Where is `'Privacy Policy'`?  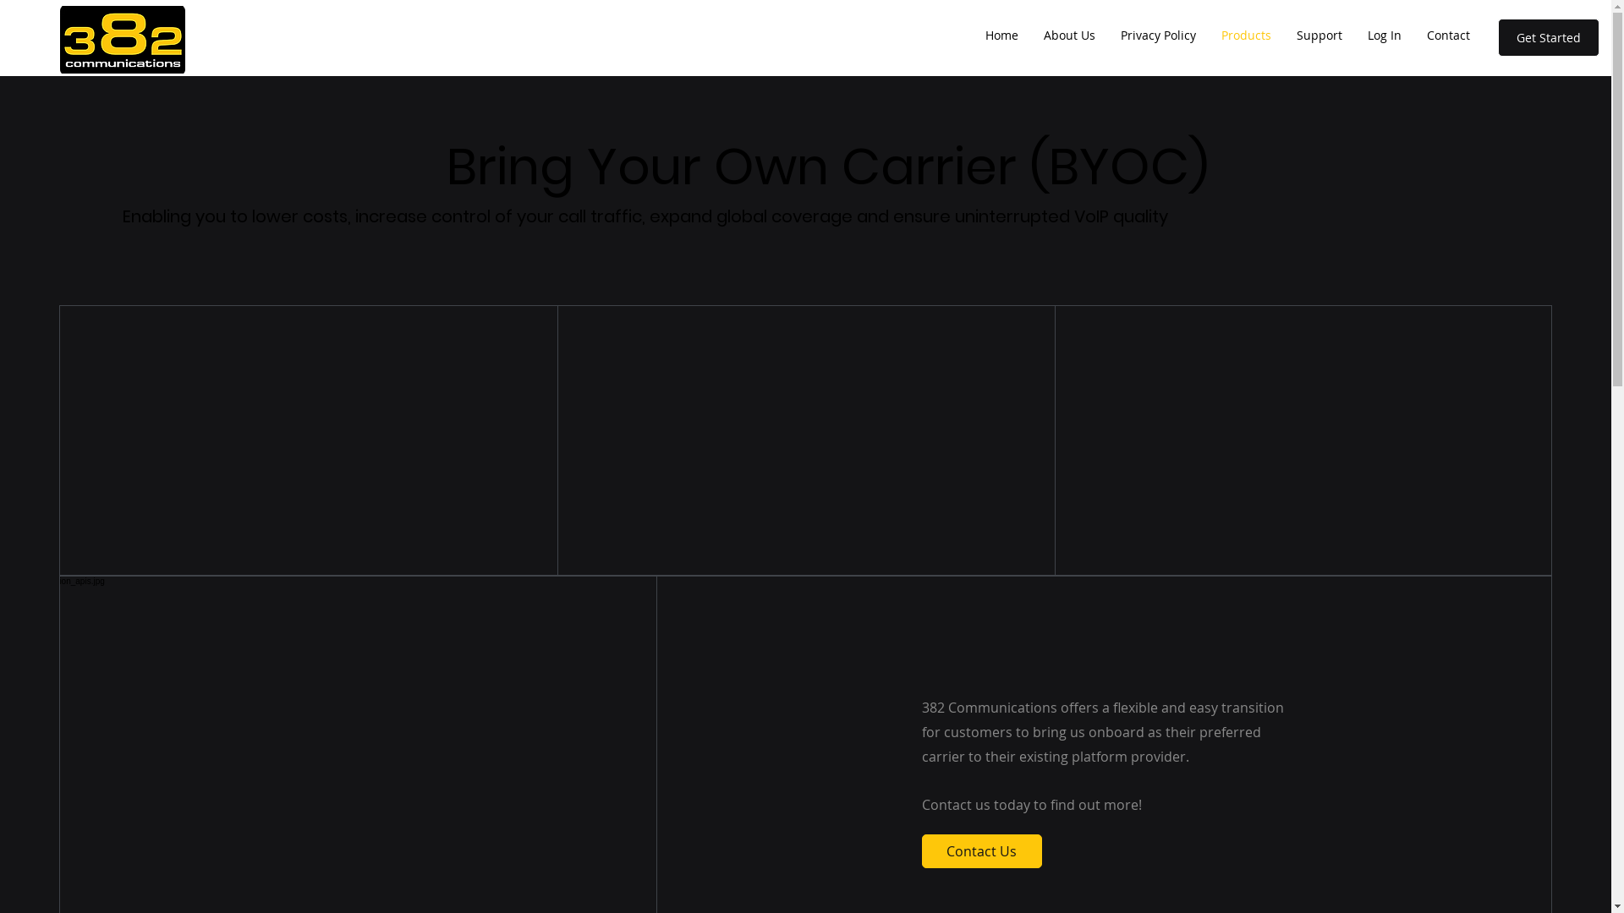
'Privacy Policy' is located at coordinates (1108, 36).